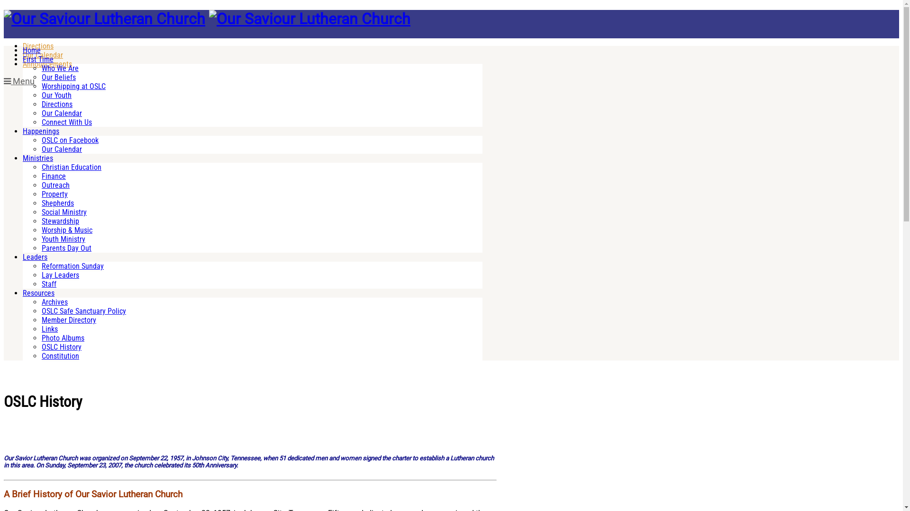  Describe the element at coordinates (70, 141) in the screenshot. I see `'OSLC on Facebook'` at that location.